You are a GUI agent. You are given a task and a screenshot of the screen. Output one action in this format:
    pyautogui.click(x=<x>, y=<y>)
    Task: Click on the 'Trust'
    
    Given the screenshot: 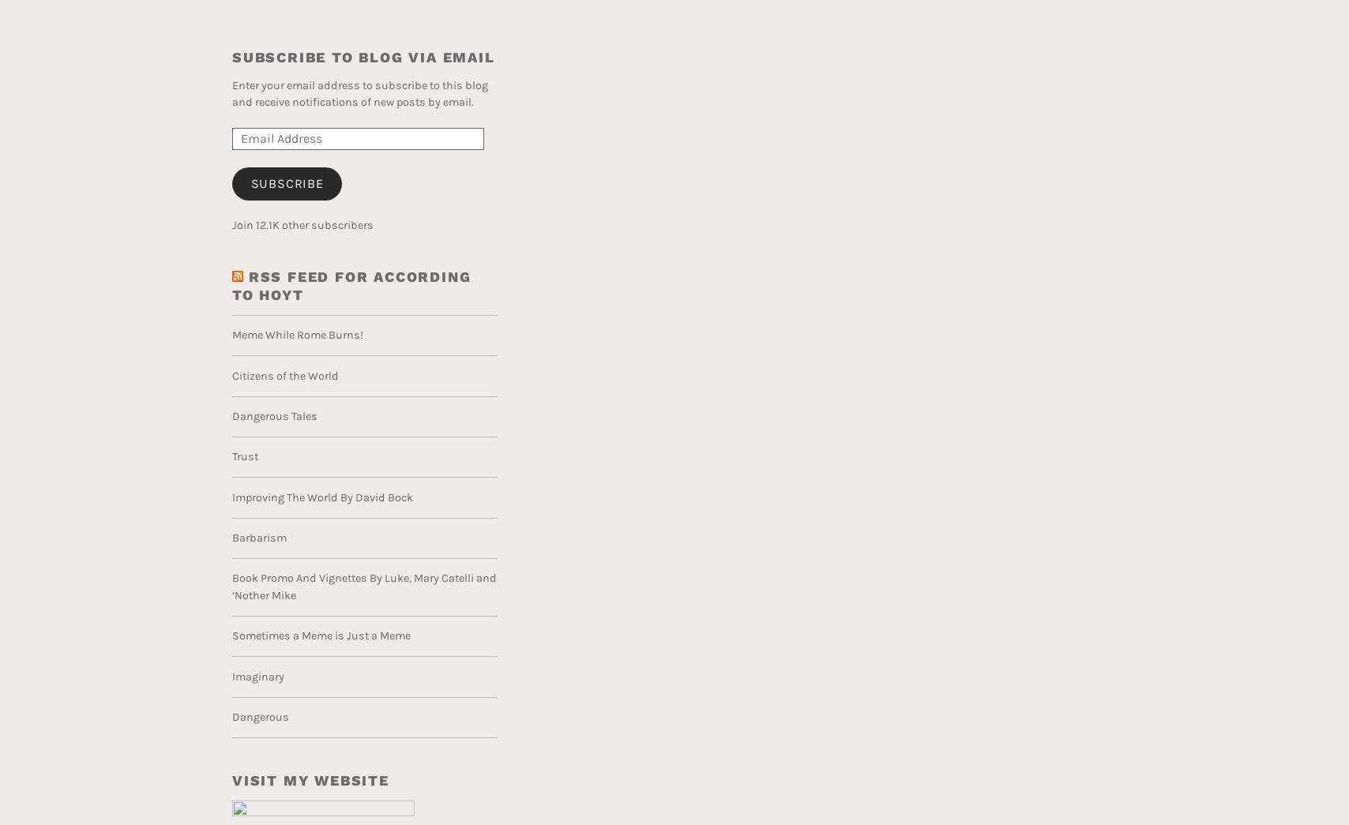 What is the action you would take?
    pyautogui.click(x=245, y=456)
    